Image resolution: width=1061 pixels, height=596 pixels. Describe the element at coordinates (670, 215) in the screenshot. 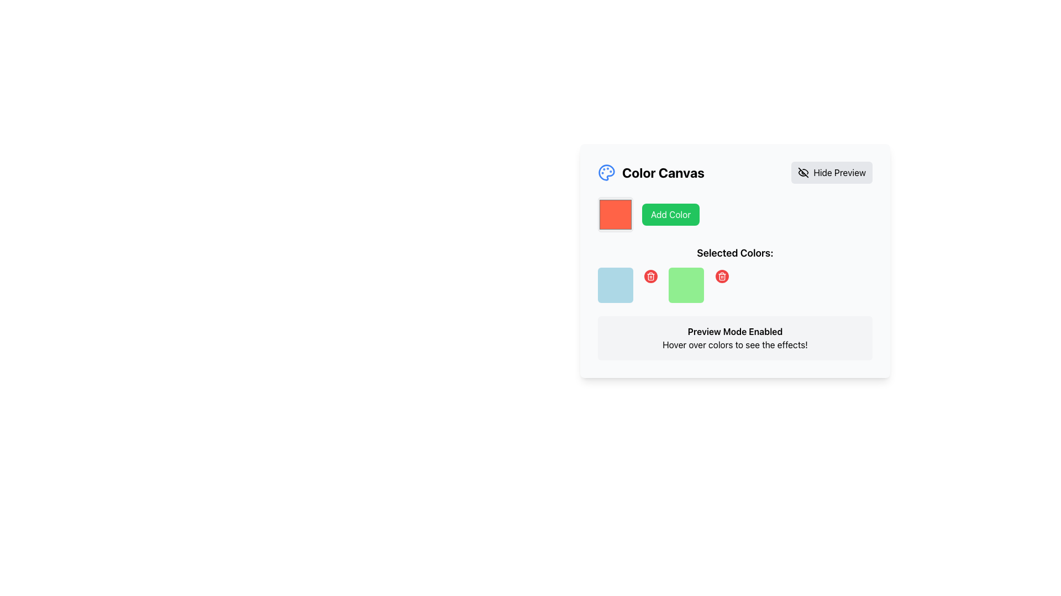

I see `the 'Add Color' button, which has a green background and white text` at that location.